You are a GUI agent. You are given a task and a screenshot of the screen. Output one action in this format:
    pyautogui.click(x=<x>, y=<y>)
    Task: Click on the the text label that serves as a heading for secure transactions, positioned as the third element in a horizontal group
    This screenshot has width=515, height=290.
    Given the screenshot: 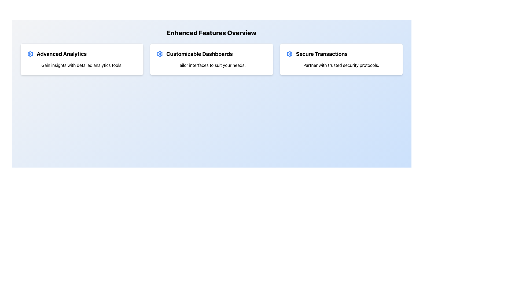 What is the action you would take?
    pyautogui.click(x=322, y=54)
    